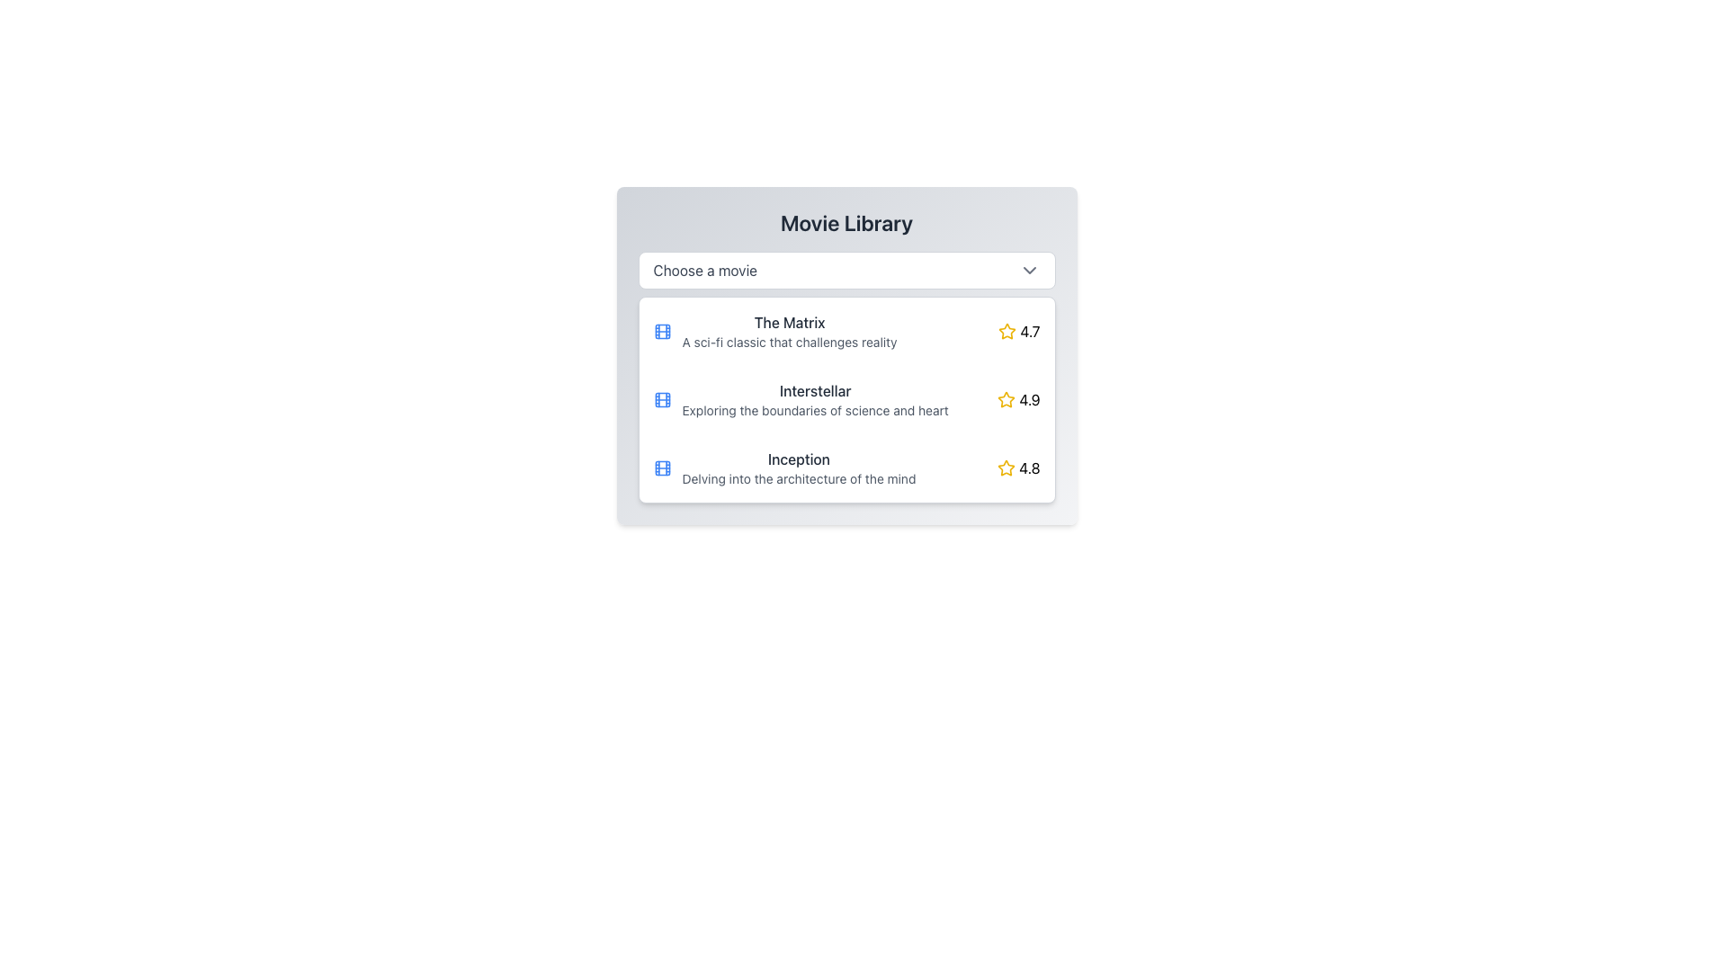 This screenshot has height=971, width=1727. Describe the element at coordinates (824, 467) in the screenshot. I see `the text label representing the movie 'Inception' in the Movie Library` at that location.